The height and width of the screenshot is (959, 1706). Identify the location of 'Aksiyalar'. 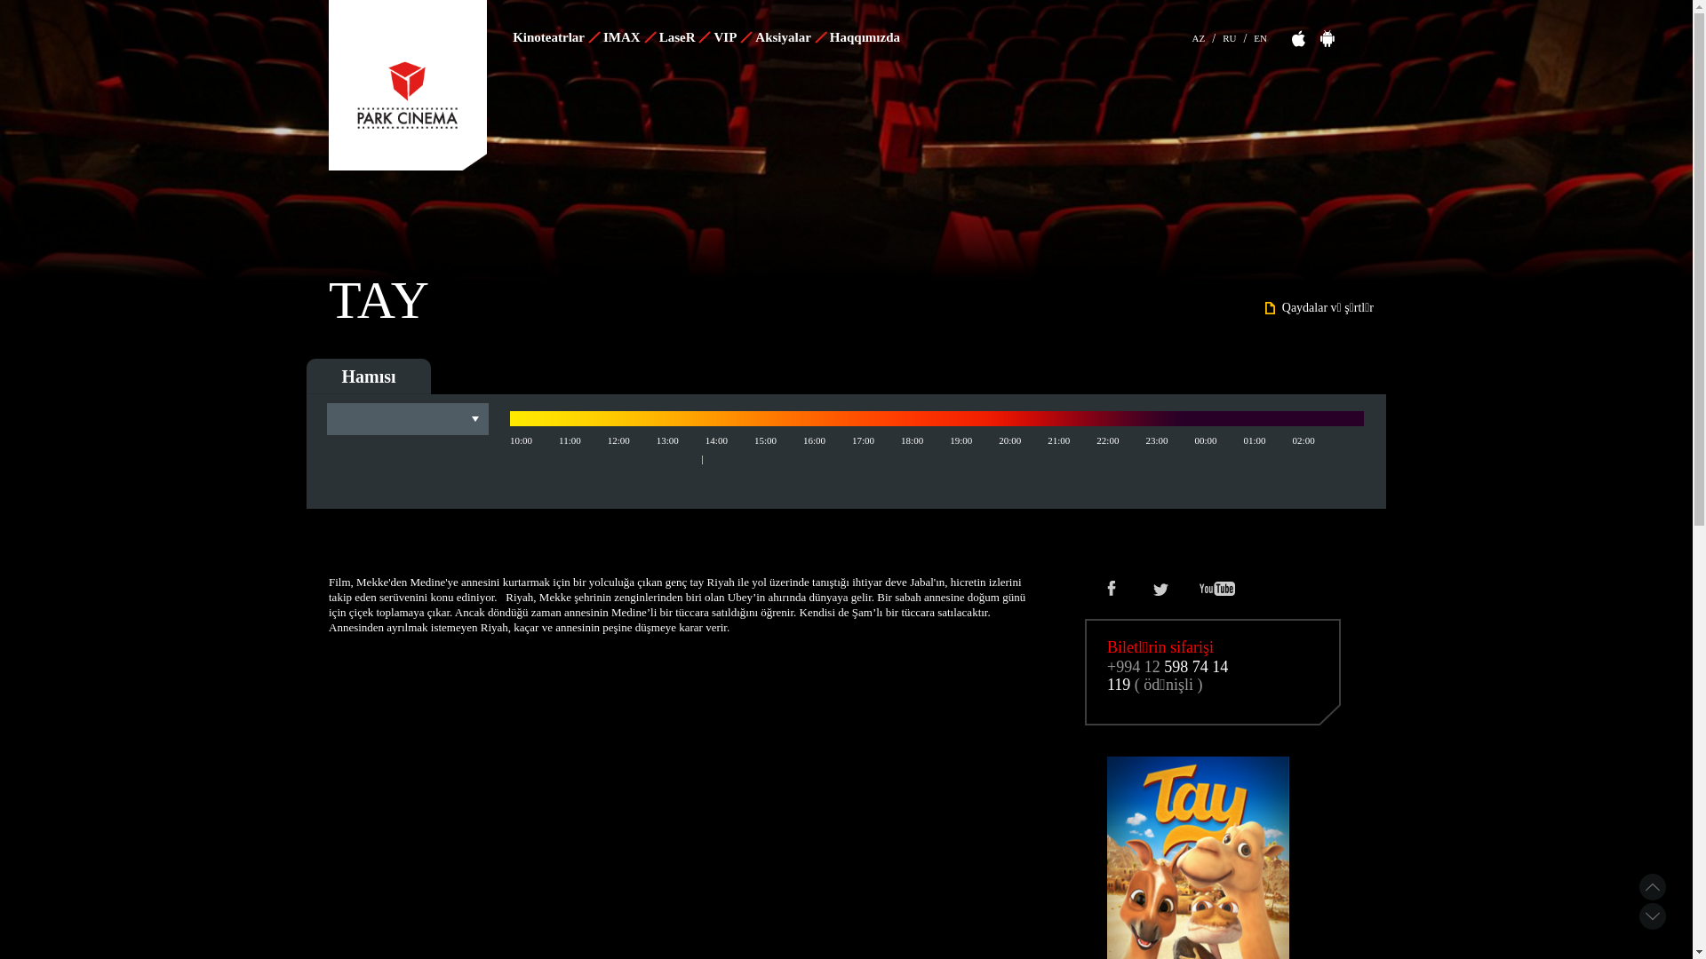
(752, 37).